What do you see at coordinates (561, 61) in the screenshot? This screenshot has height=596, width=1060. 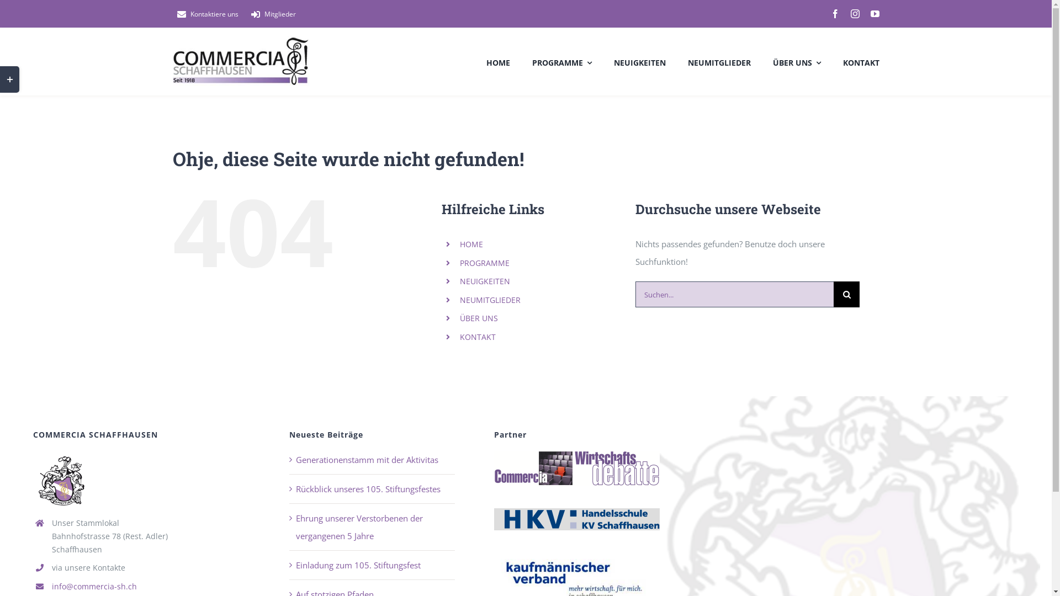 I see `'PROGRAMME'` at bounding box center [561, 61].